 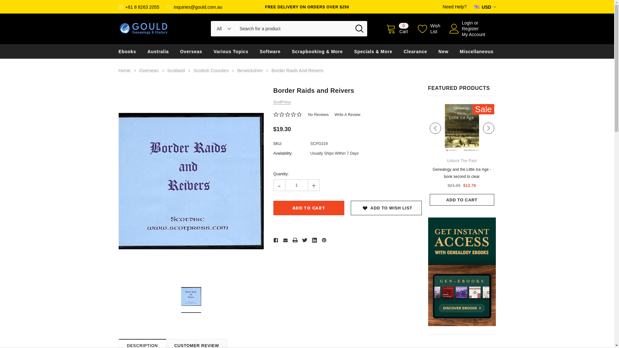 What do you see at coordinates (143, 28) in the screenshot?
I see `'Gould Genealogy & History'` at bounding box center [143, 28].